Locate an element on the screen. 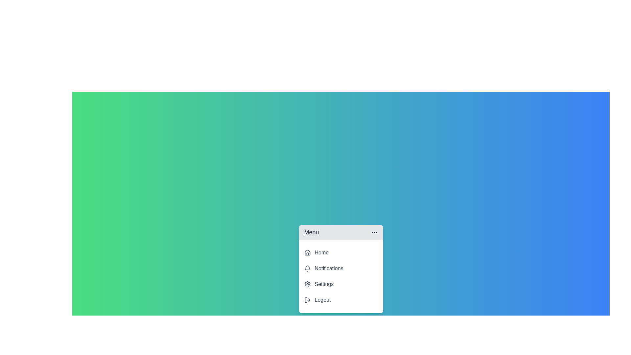 The height and width of the screenshot is (355, 631). the 'Logout' menu item is located at coordinates (341, 300).